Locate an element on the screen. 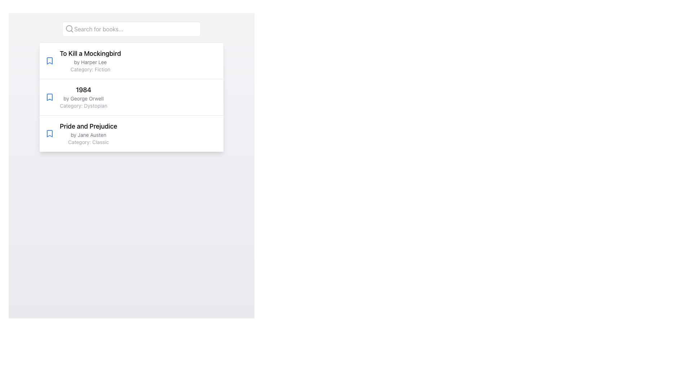 Image resolution: width=692 pixels, height=389 pixels. the text content grouping displaying detailed information about the book '1984' located in the second row of the list interface is located at coordinates (83, 97).